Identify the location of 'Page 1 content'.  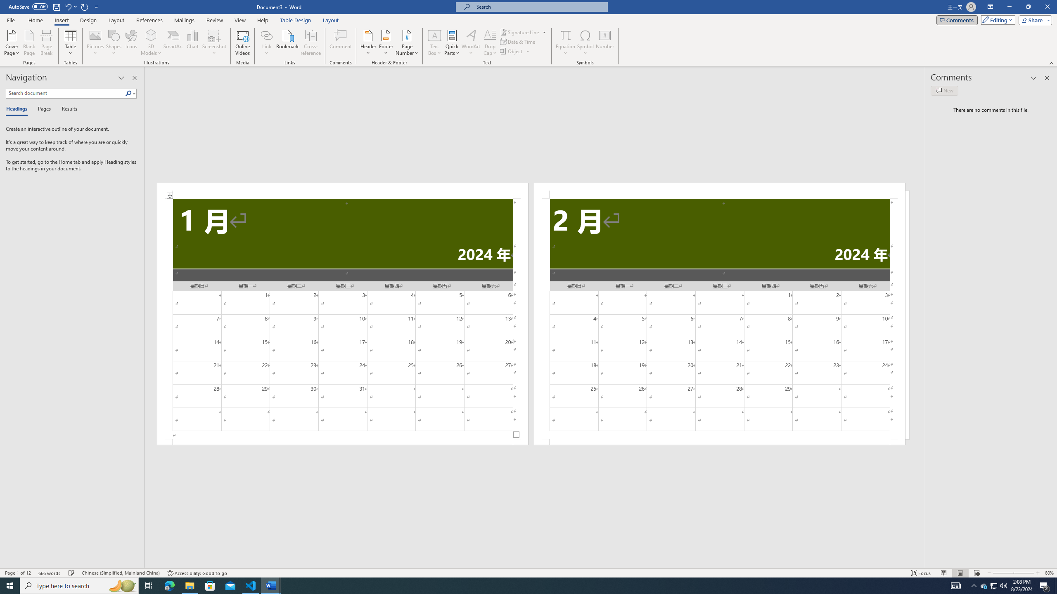
(342, 319).